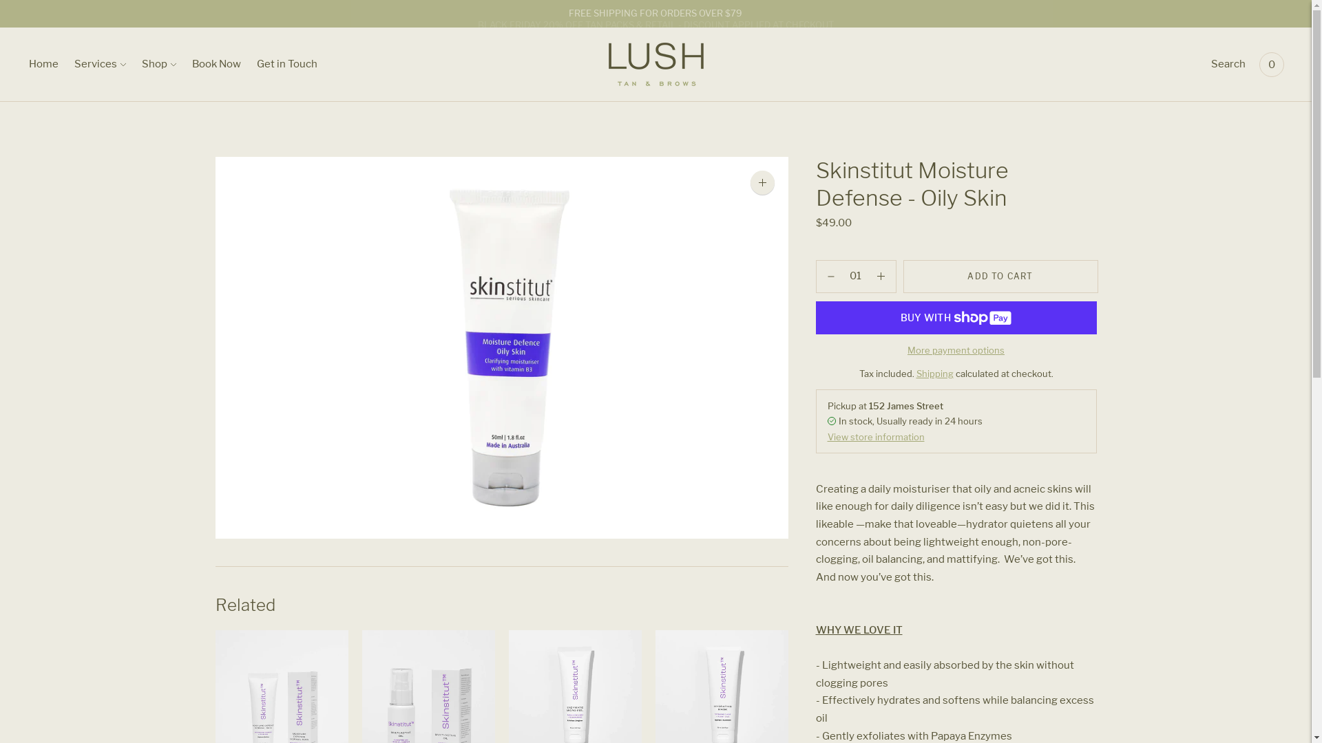 The image size is (1322, 743). I want to click on 'Book Now', so click(216, 64).